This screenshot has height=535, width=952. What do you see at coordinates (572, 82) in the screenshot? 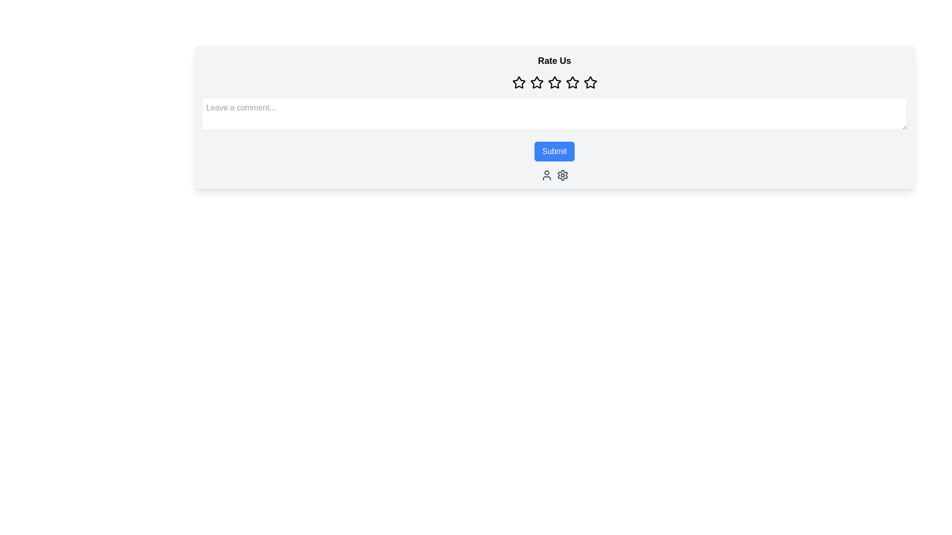
I see `the fourth star icon in the horizontal arrangement of five stars, which allows users to provide feedback by selecting a rating` at bounding box center [572, 82].